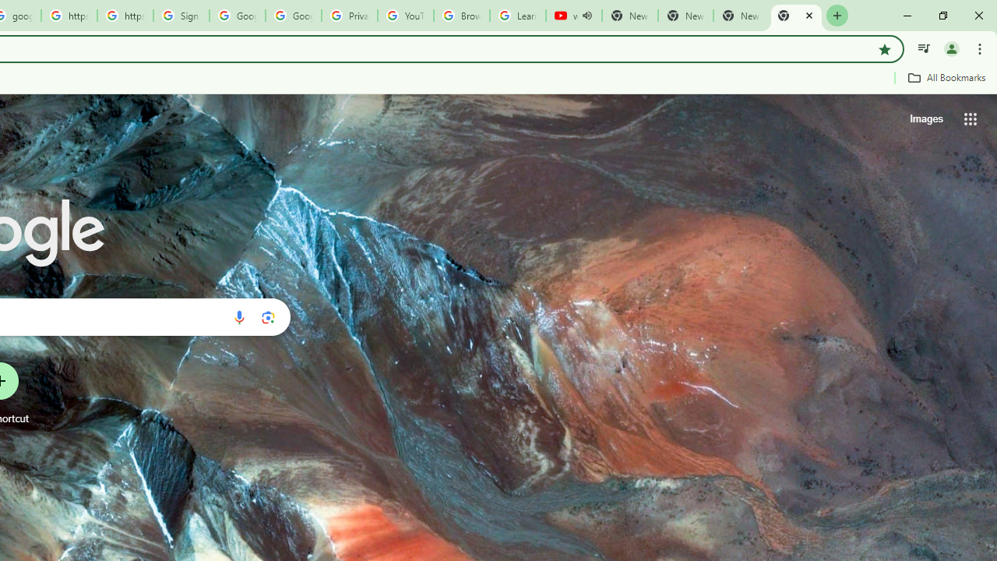  I want to click on 'YouTube', so click(405, 16).